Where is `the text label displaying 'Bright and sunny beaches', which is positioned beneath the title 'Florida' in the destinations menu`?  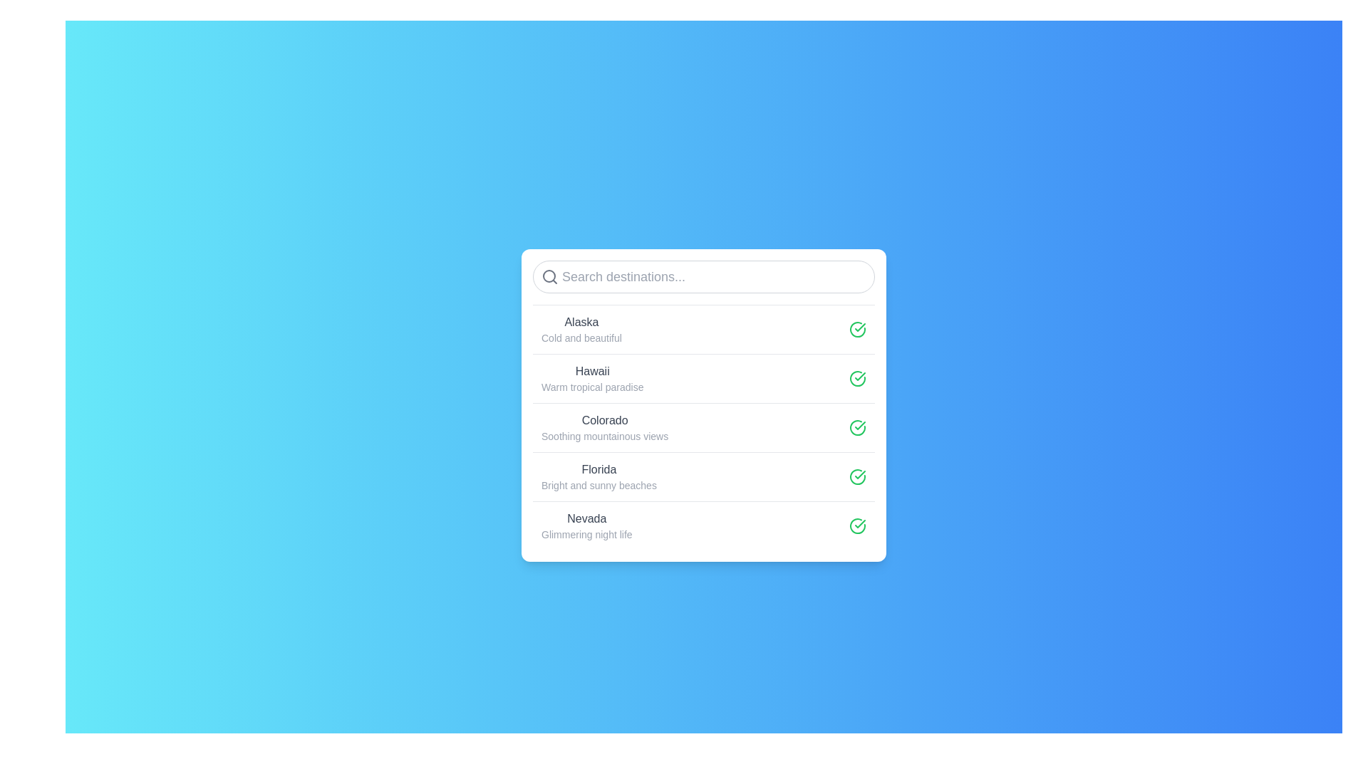
the text label displaying 'Bright and sunny beaches', which is positioned beneath the title 'Florida' in the destinations menu is located at coordinates (598, 484).